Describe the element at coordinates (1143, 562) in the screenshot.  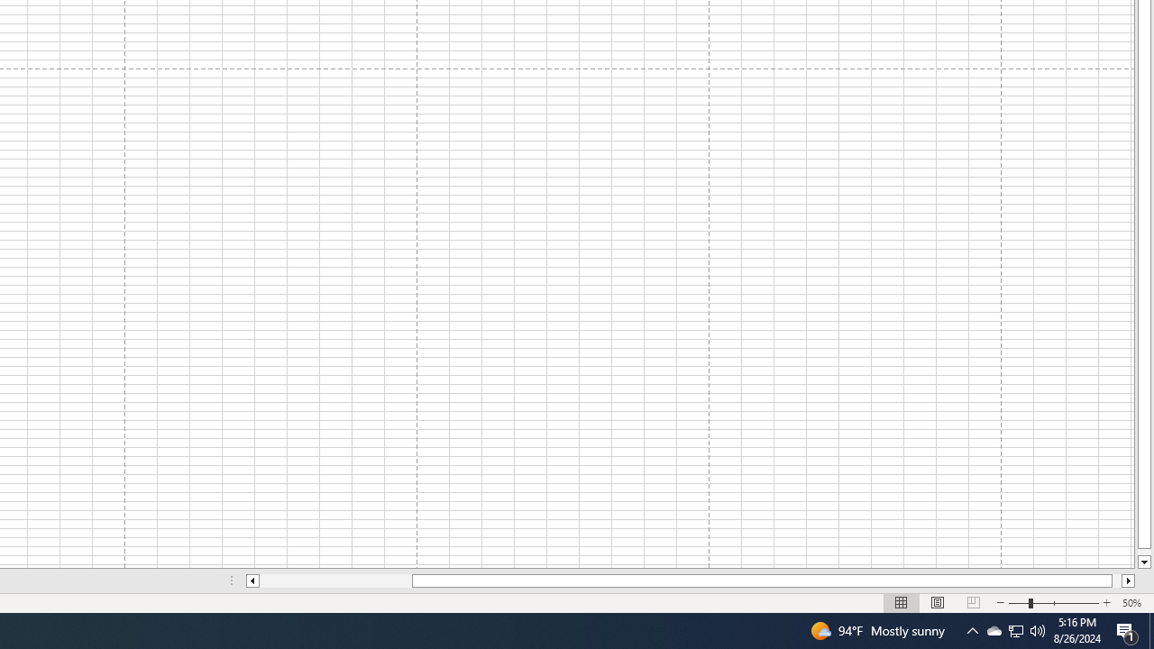
I see `'Line down'` at that location.